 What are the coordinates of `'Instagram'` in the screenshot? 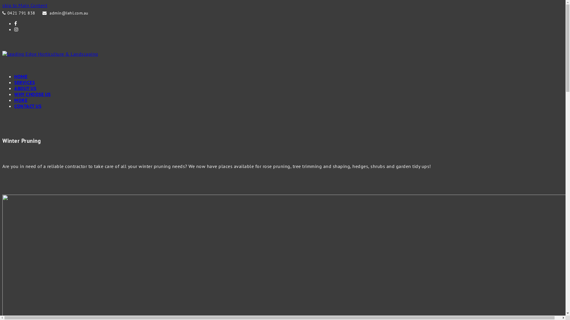 It's located at (14, 29).